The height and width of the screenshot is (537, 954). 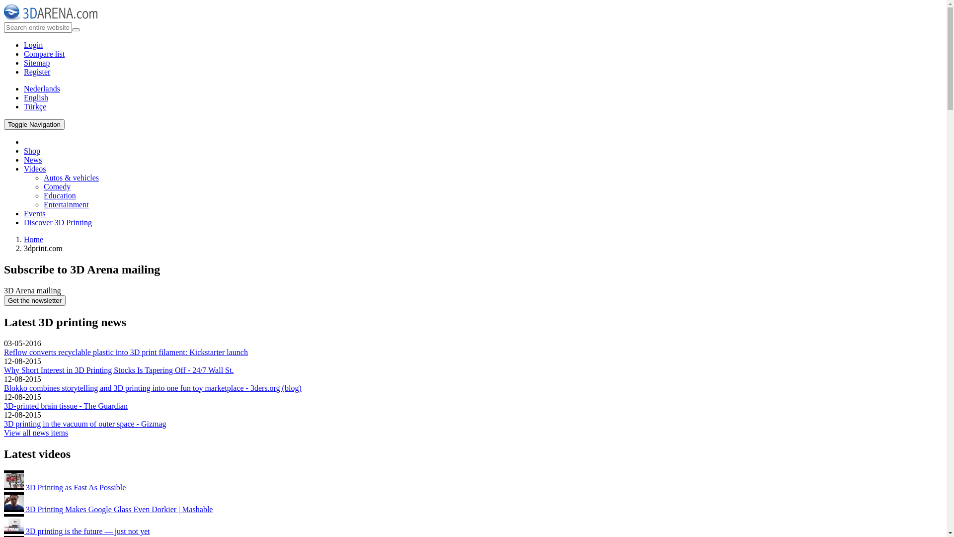 What do you see at coordinates (66, 204) in the screenshot?
I see `'Entertainment'` at bounding box center [66, 204].